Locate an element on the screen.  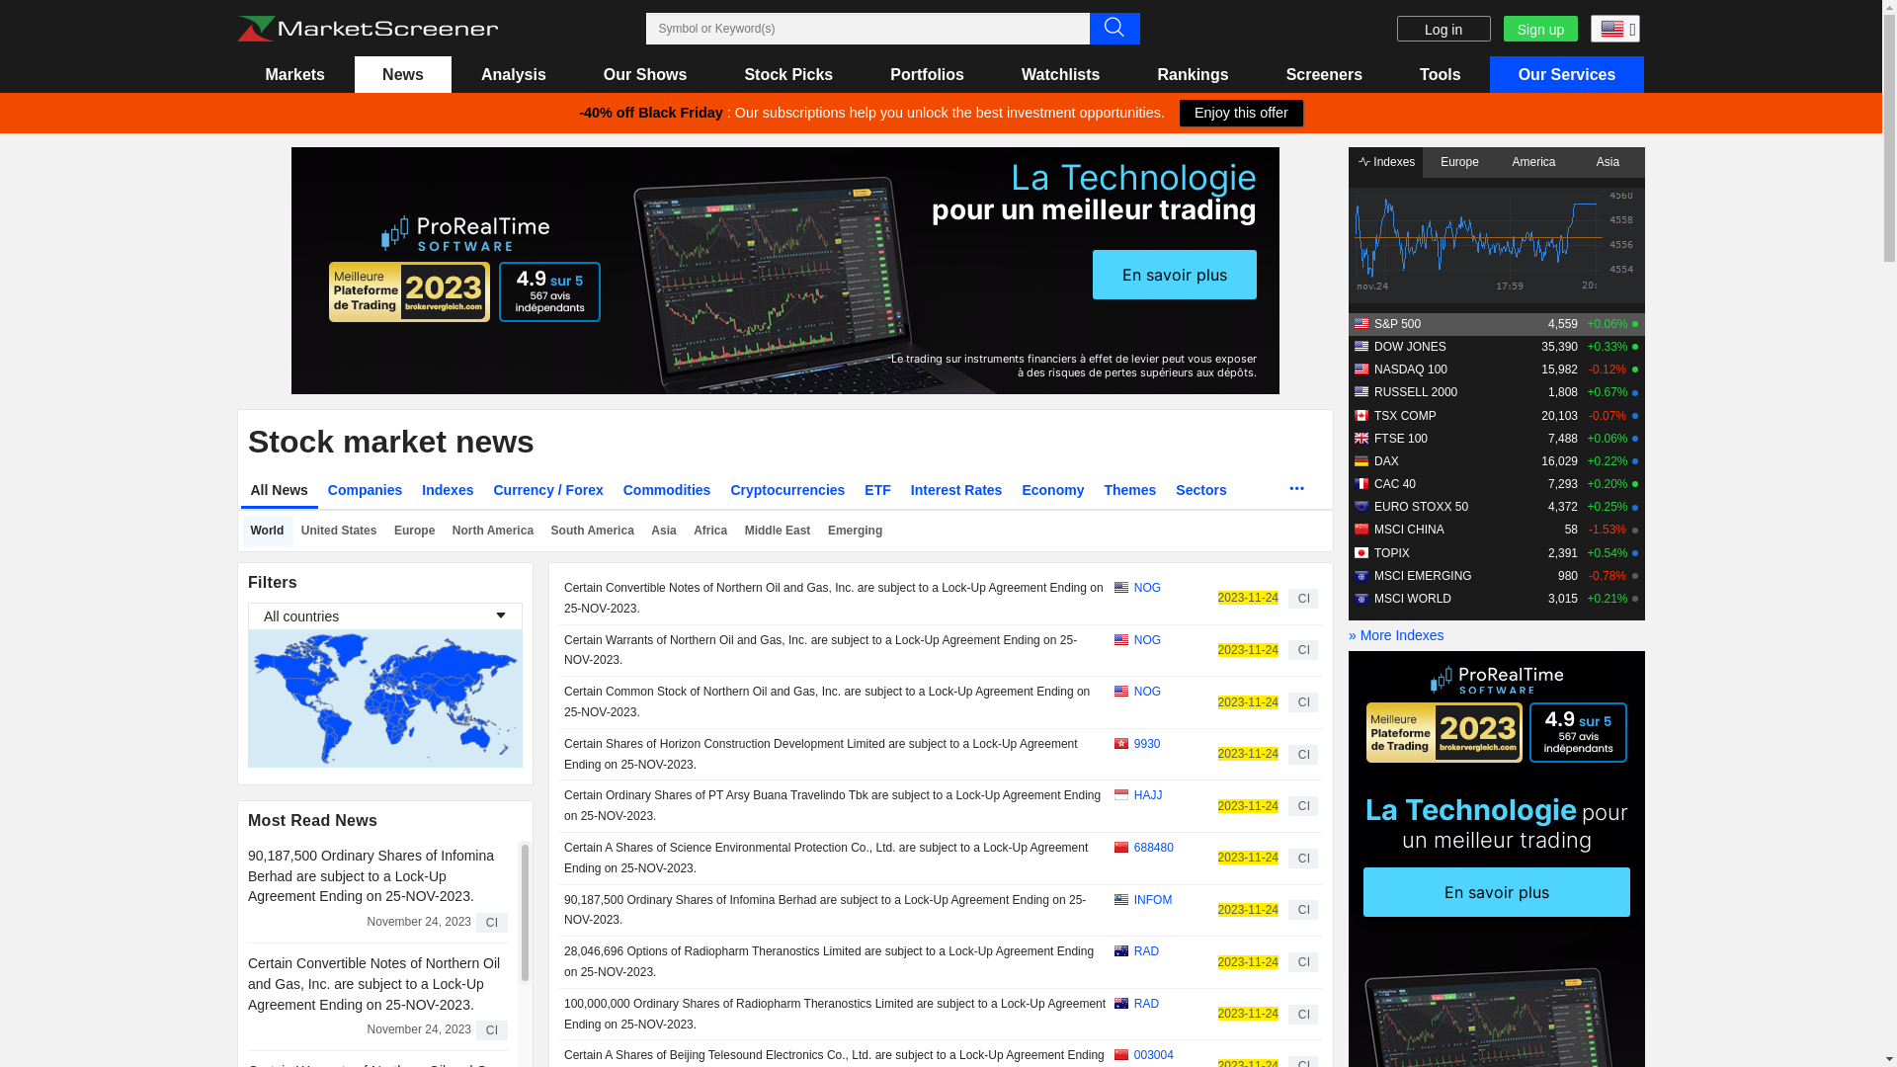
'Sign up' is located at coordinates (1539, 29).